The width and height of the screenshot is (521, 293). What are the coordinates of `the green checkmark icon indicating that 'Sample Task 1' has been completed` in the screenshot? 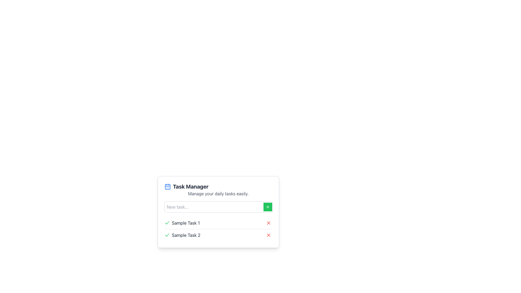 It's located at (167, 235).